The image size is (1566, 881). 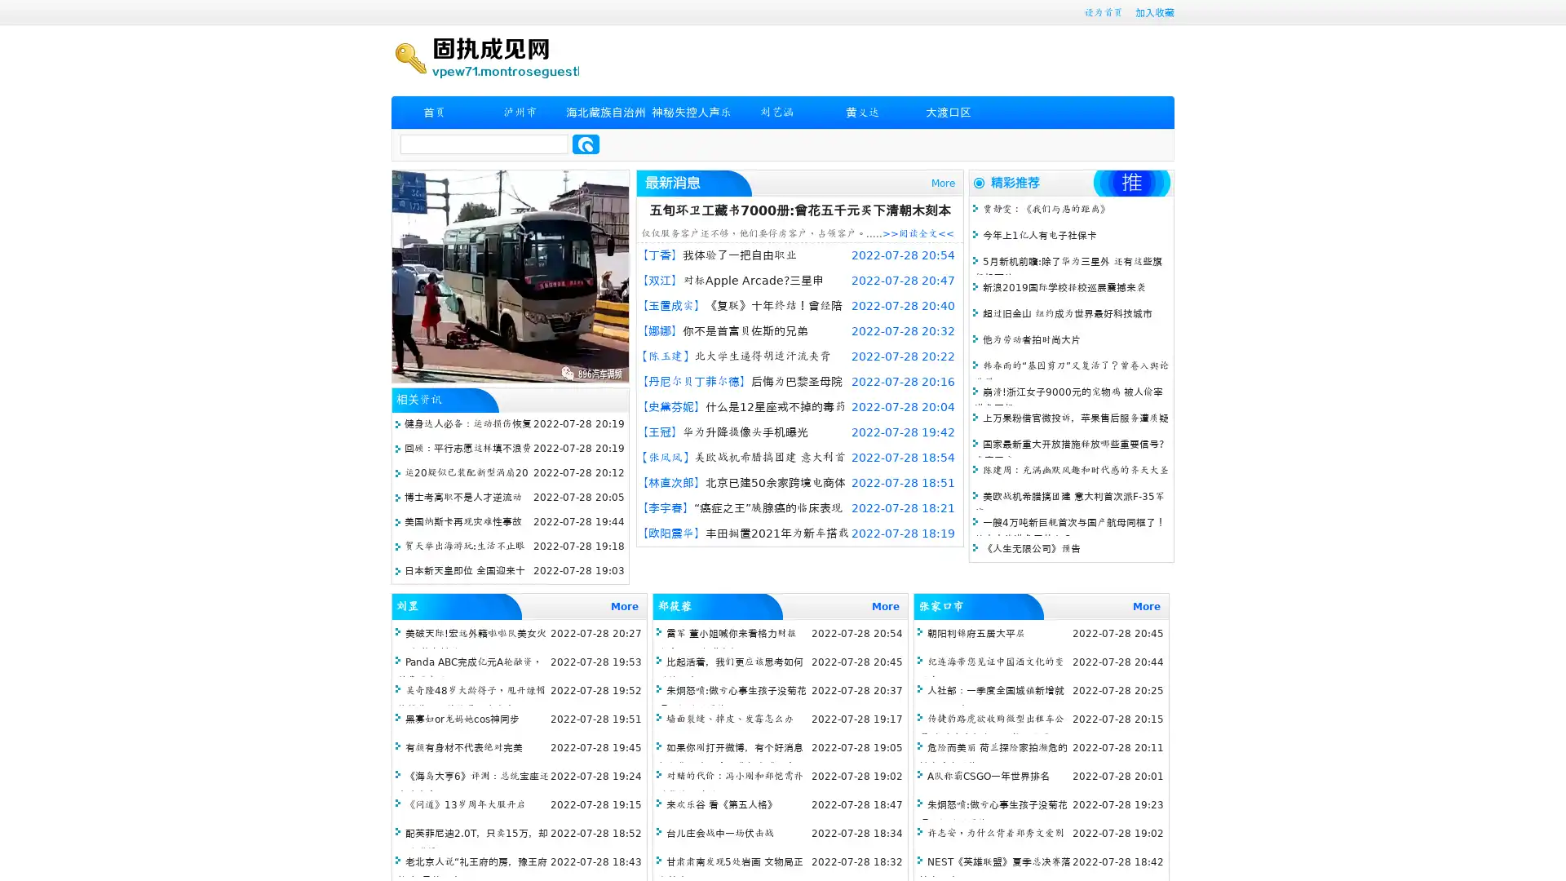 What do you see at coordinates (586, 144) in the screenshot?
I see `Search` at bounding box center [586, 144].